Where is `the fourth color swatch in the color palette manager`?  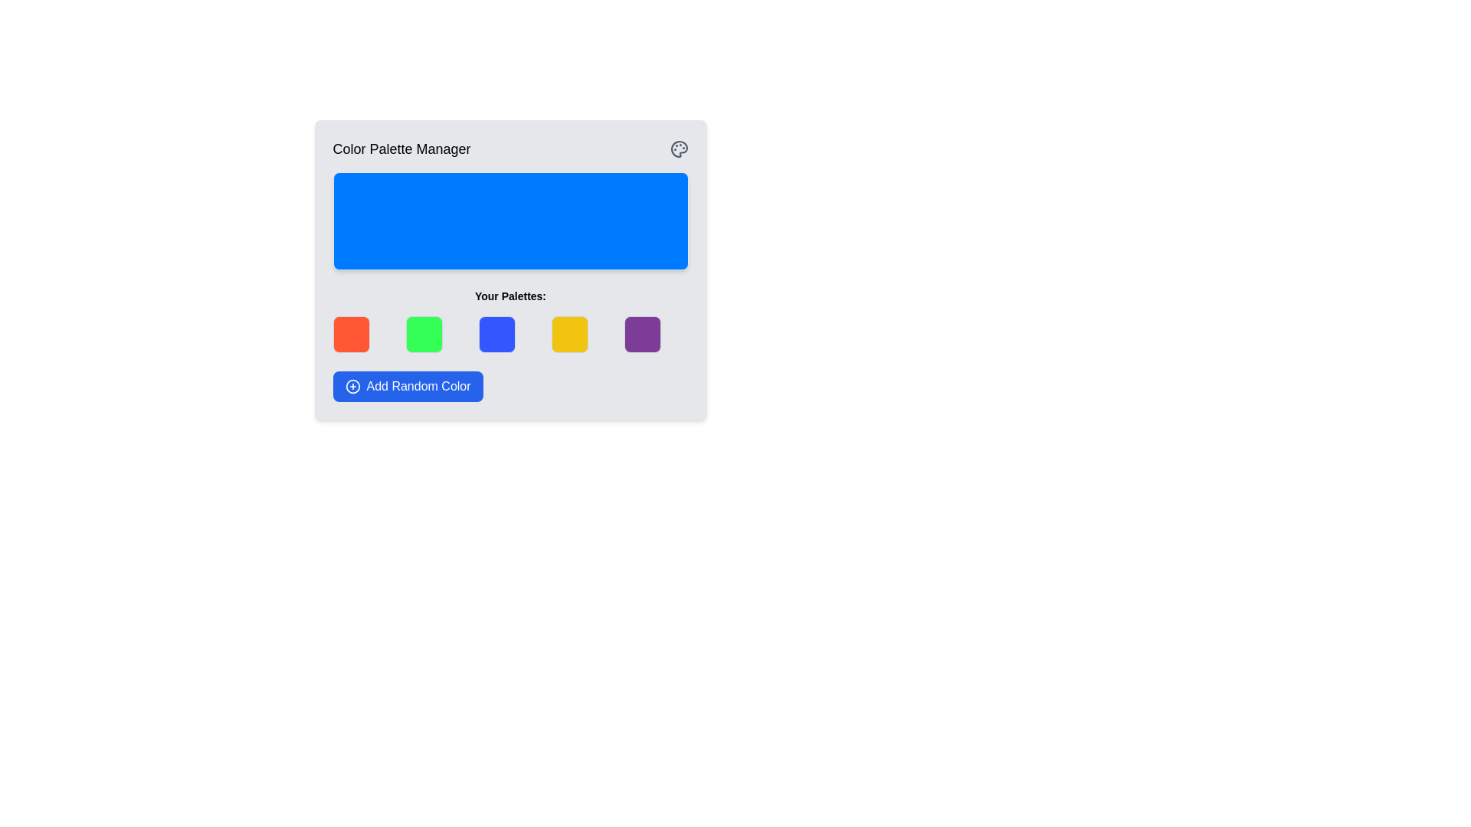 the fourth color swatch in the color palette manager is located at coordinates (569, 333).